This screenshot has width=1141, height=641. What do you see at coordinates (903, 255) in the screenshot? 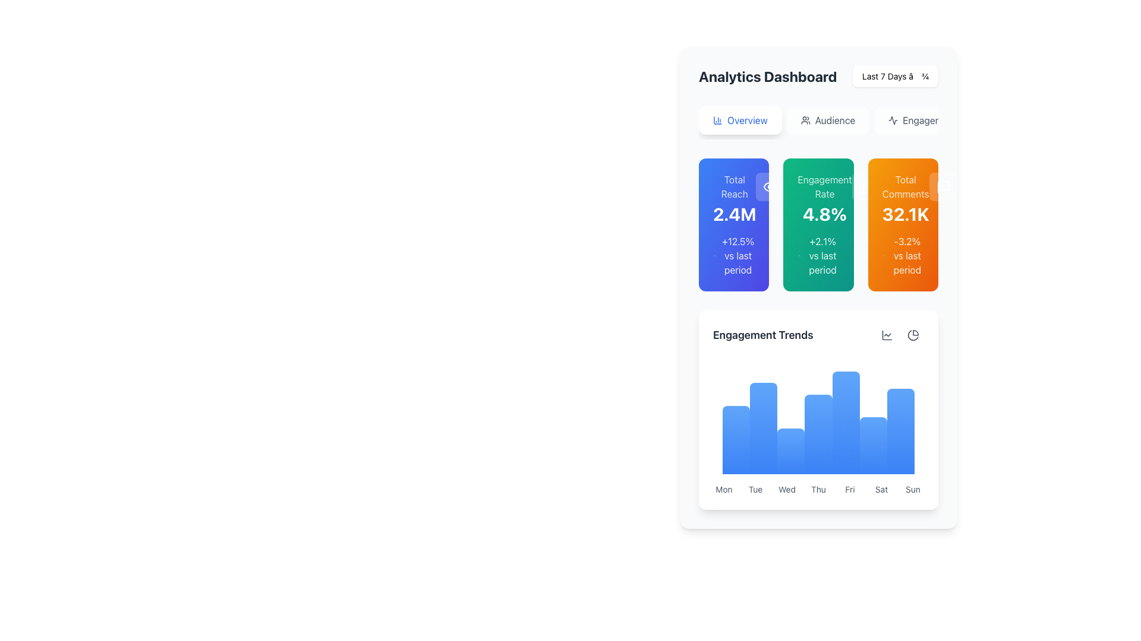
I see `the descriptive text with the percentage '-3.2% vs last period' that is styled with a white font on a gradient orange to amber background, located within the third orange-colored card labeled 'Total Comments 32.1K'` at bounding box center [903, 255].